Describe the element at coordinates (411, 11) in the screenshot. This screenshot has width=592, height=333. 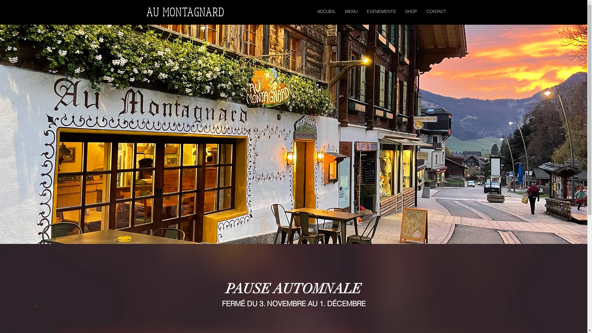
I see `'SHOP'` at that location.